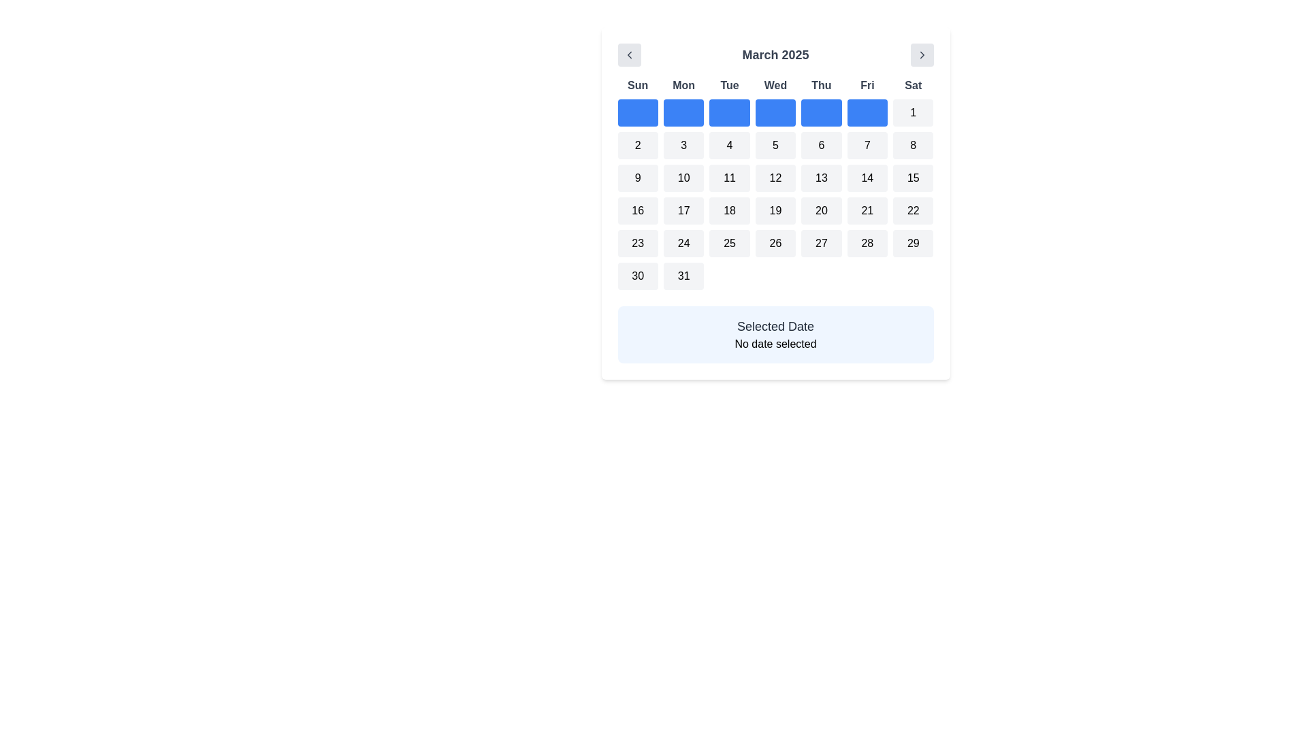 This screenshot has height=735, width=1307. What do you see at coordinates (775, 210) in the screenshot?
I see `the rounded rectangular button with a gray background containing the text '19'` at bounding box center [775, 210].